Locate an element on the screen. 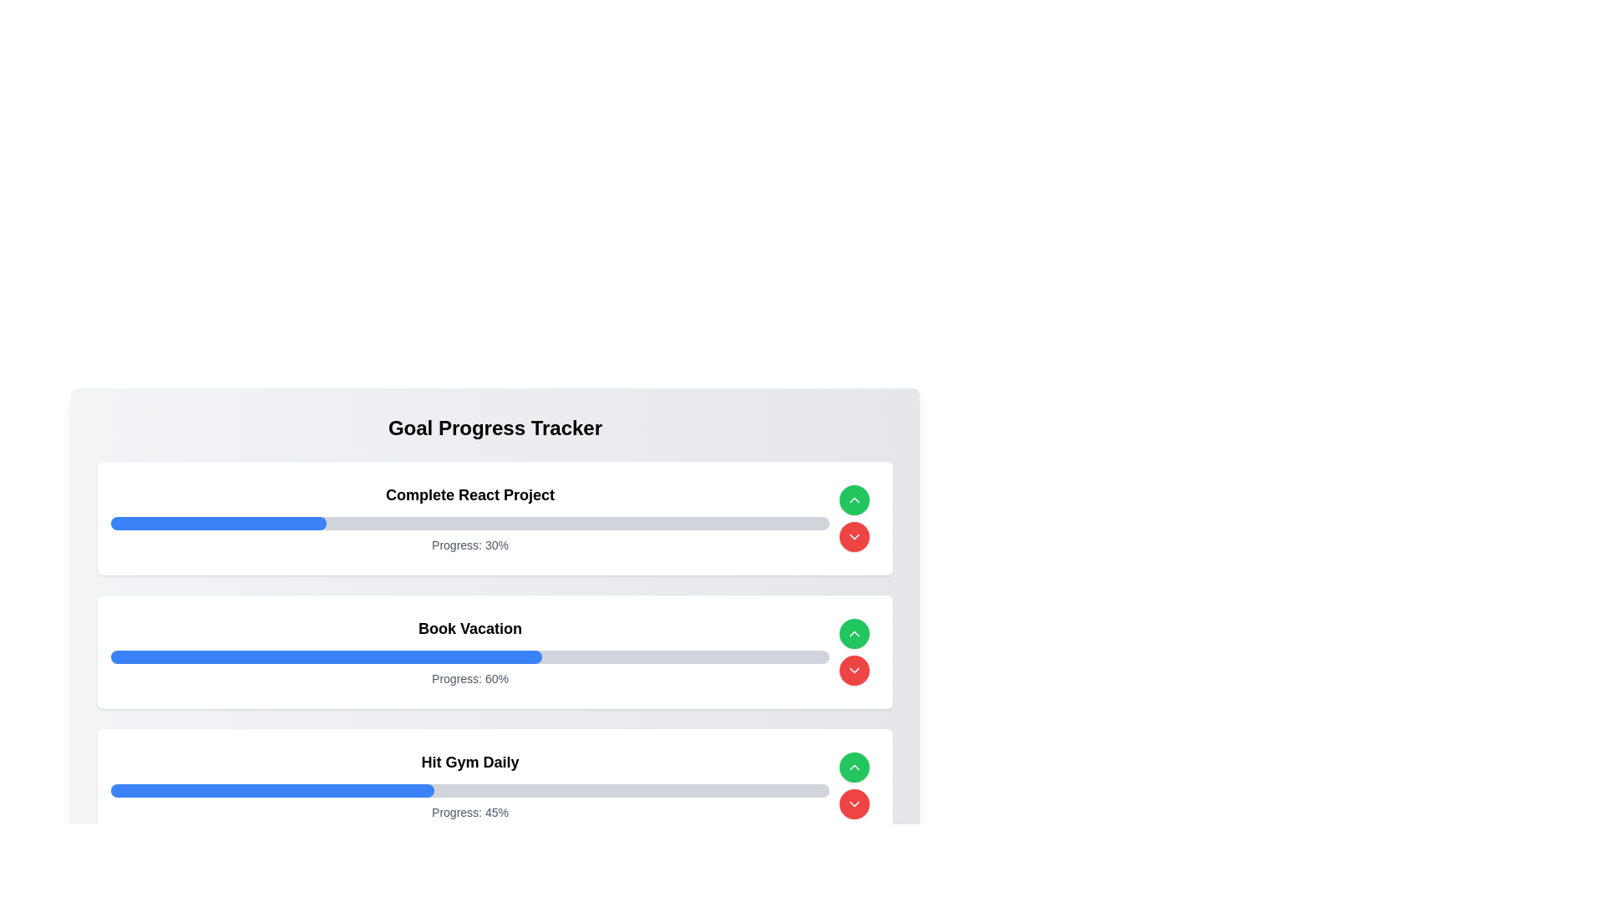  the completion percentage label located below the progress bar for the 'Complete React Project' task is located at coordinates (469, 545).